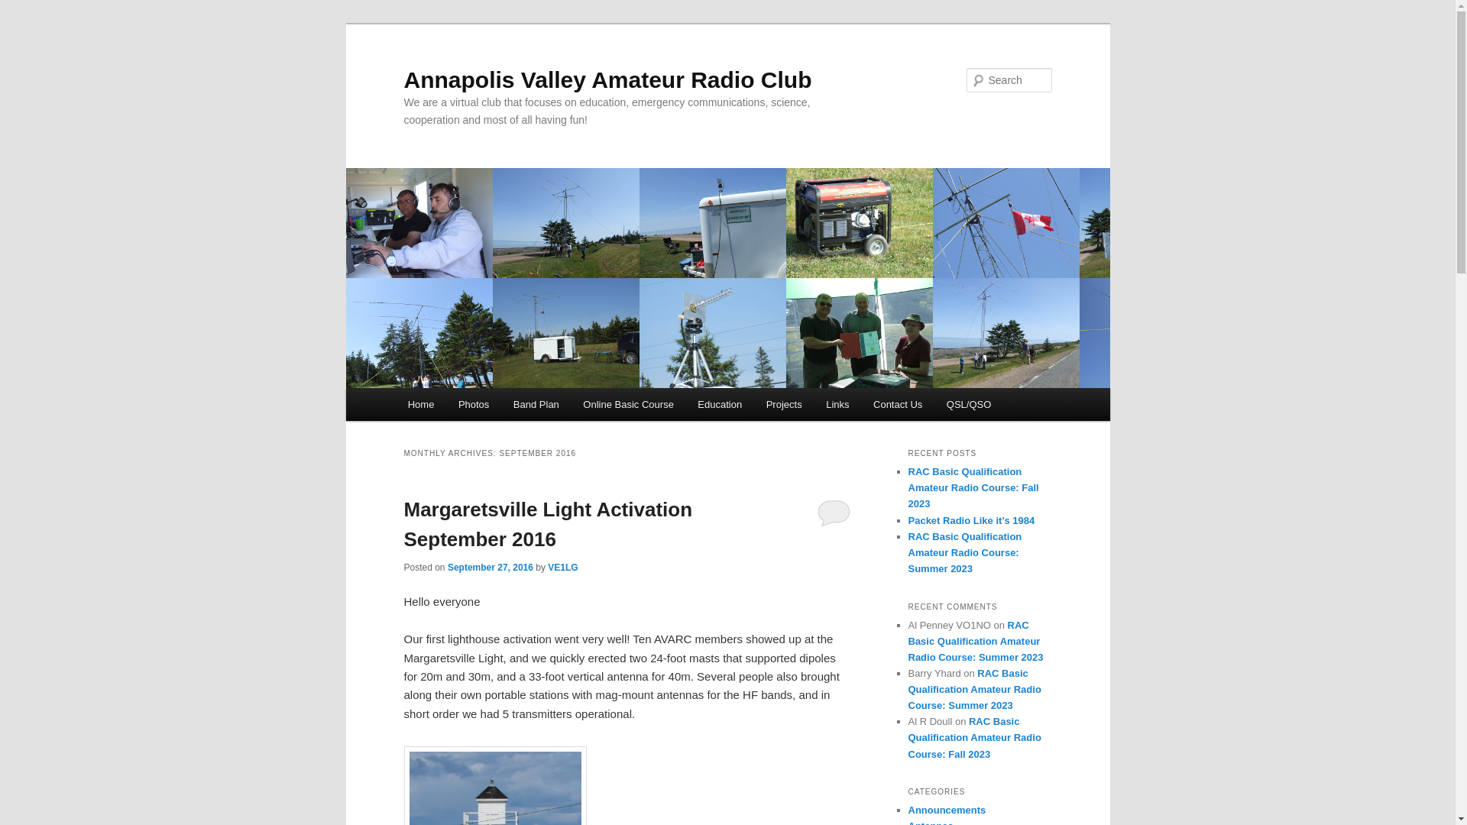 The width and height of the screenshot is (1467, 825). I want to click on 'Margaretsville Light Activation September 2016', so click(547, 523).